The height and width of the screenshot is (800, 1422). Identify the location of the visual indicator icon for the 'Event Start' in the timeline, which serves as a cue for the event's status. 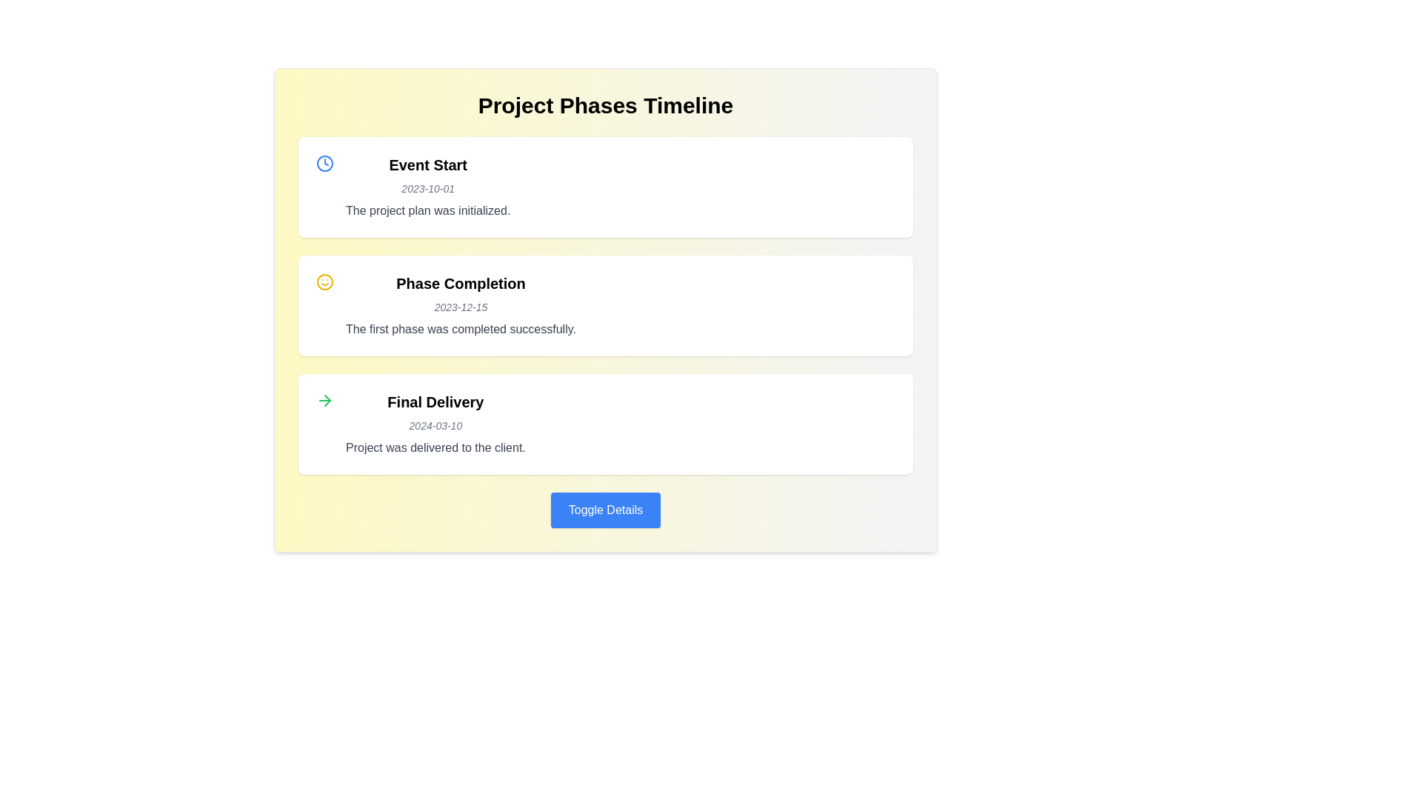
(324, 163).